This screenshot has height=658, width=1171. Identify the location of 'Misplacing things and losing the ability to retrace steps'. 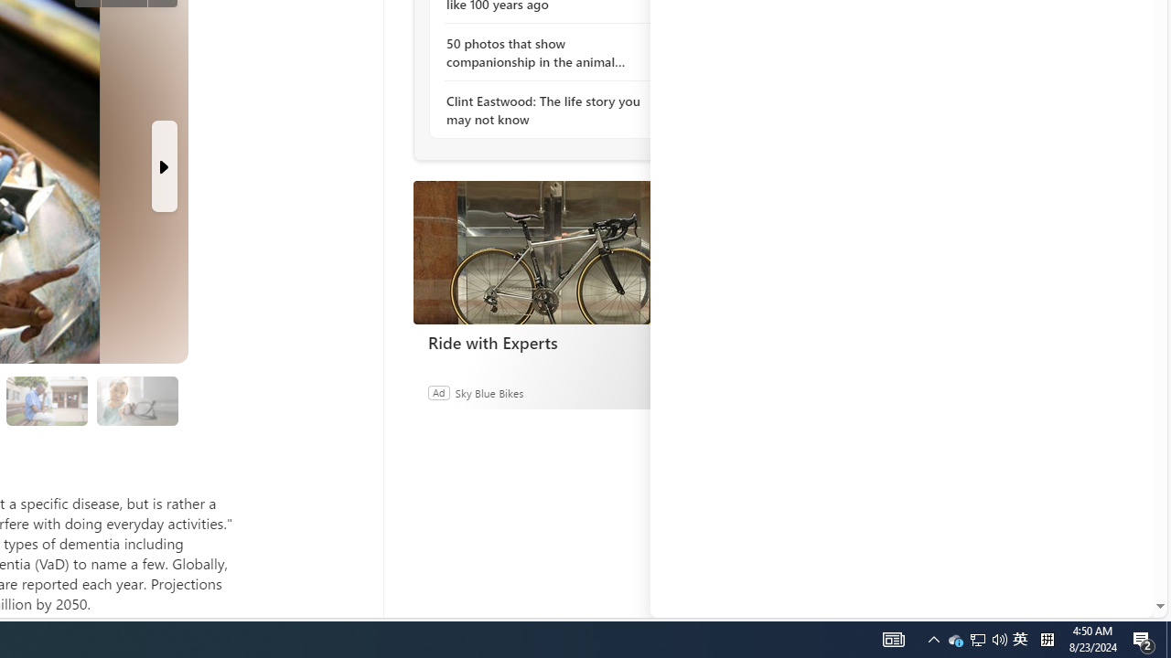
(135, 399).